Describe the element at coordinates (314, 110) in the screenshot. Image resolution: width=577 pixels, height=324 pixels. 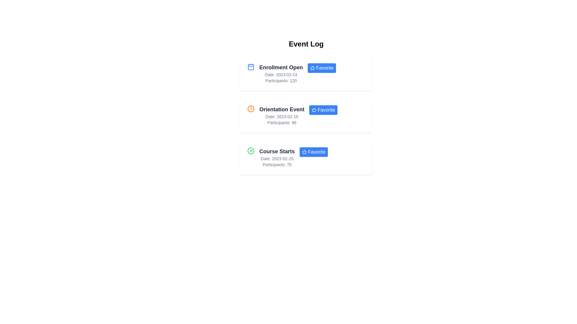
I see `the star-shaped icon with a hollow center located inside the 'Favorite' button of the 'Orientation Event' in the event list` at that location.